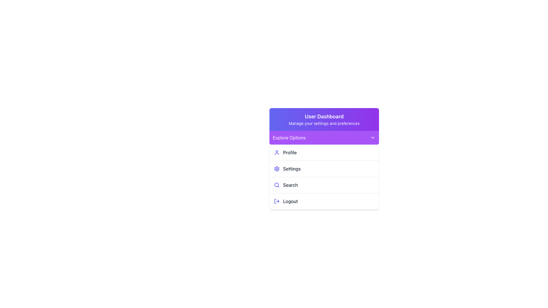  What do you see at coordinates (324, 201) in the screenshot?
I see `the logout button located at the bottom of the vertical list of elements including 'Profile', 'Settings', 'Search', and 'Logout' to sign out the user from the application` at bounding box center [324, 201].